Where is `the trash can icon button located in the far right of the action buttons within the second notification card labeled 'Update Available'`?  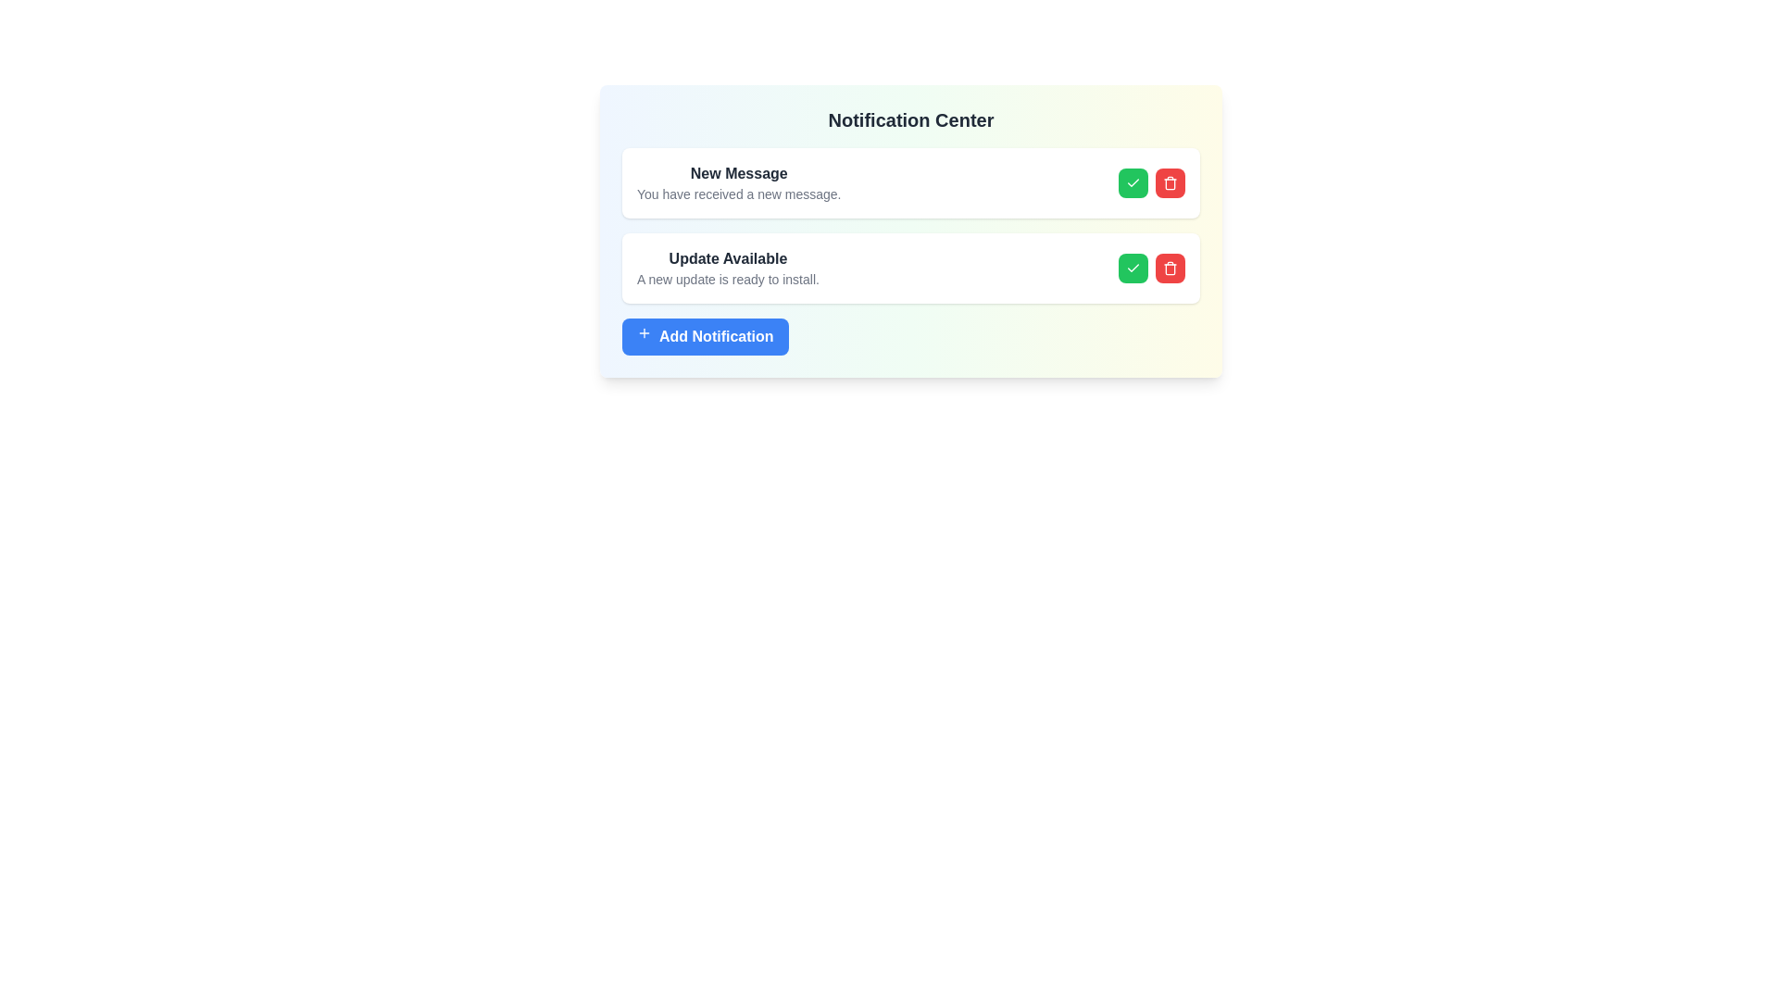 the trash can icon button located in the far right of the action buttons within the second notification card labeled 'Update Available' is located at coordinates (1169, 268).